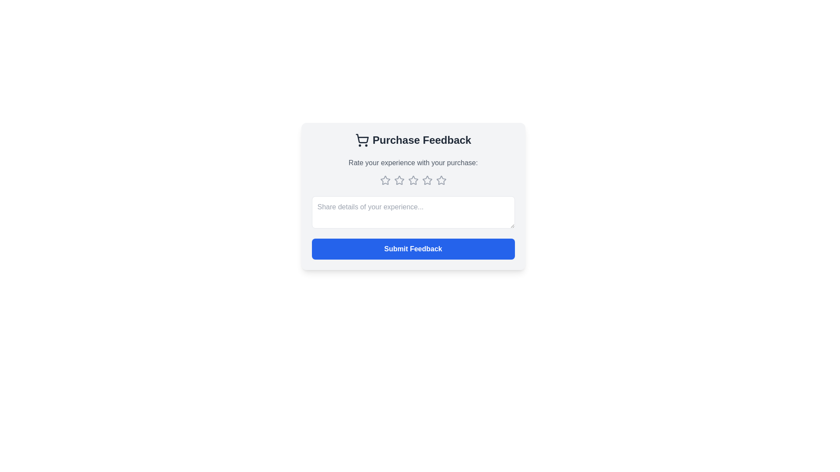 This screenshot has width=840, height=472. Describe the element at coordinates (385, 180) in the screenshot. I see `the second star from the left in the horizontal arrangement of five stars` at that location.